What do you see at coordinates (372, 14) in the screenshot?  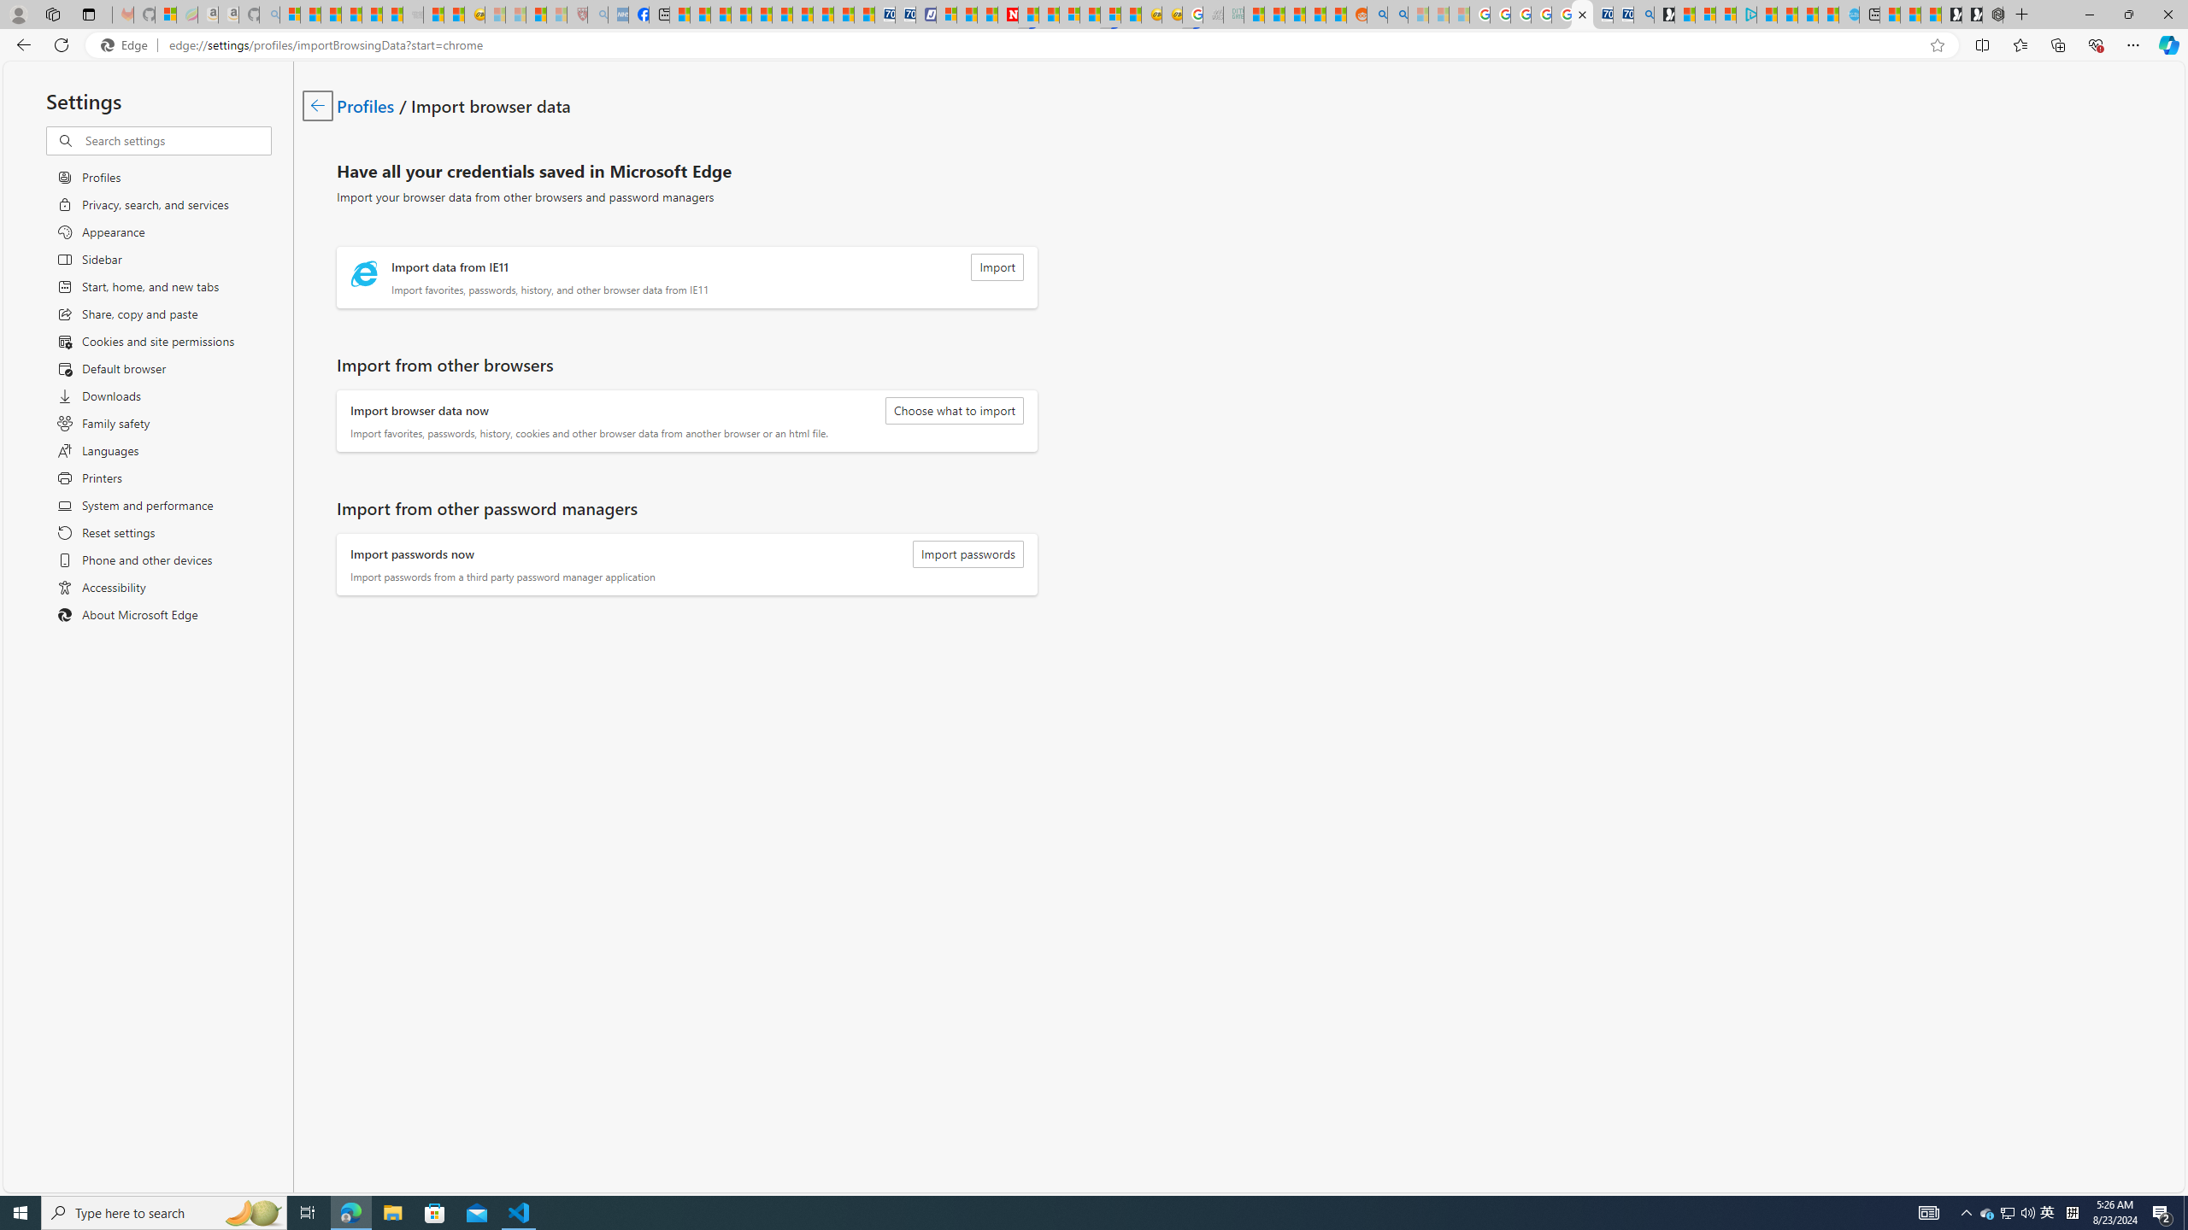 I see `'New Report Confirms 2023 Was Record Hot | Watch'` at bounding box center [372, 14].